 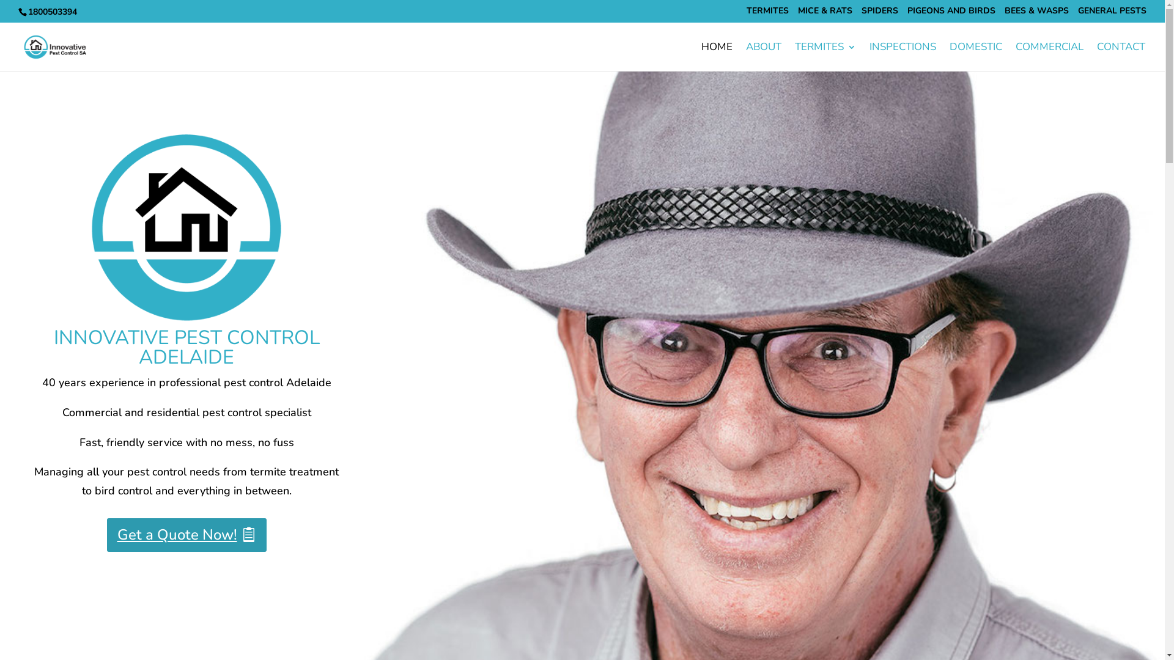 I want to click on 'MICE & RATS', so click(x=825, y=13).